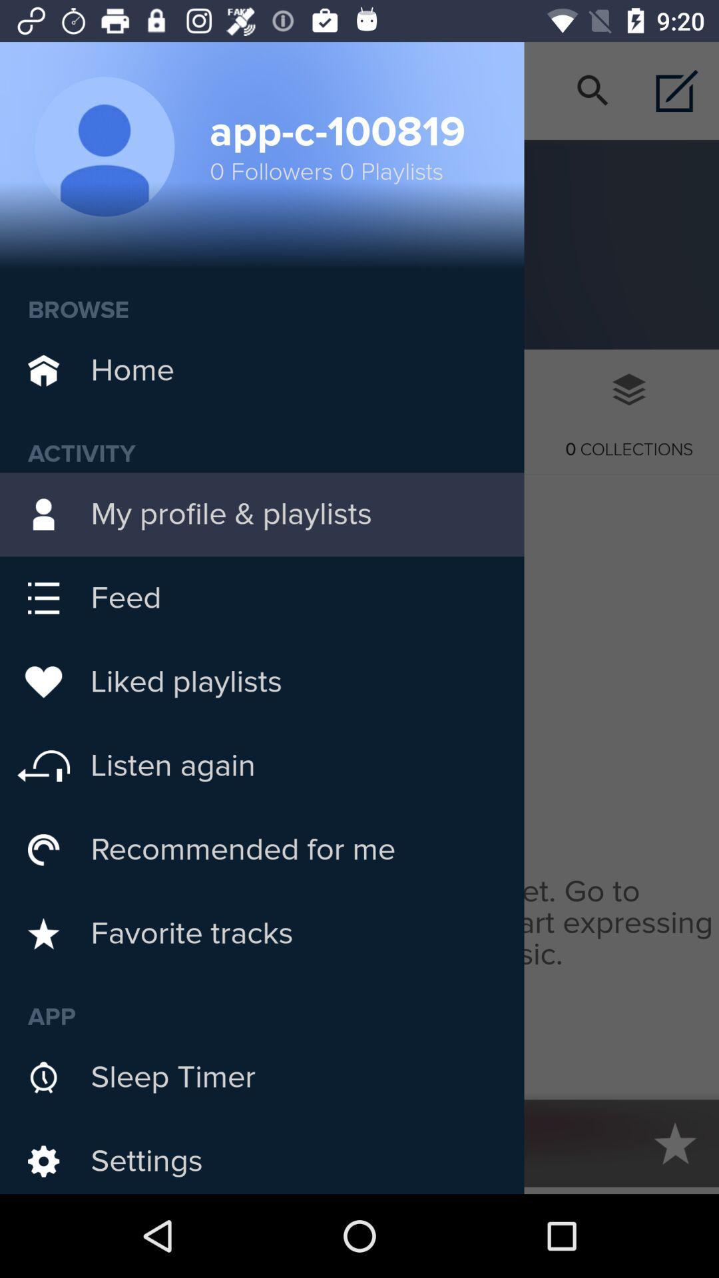  Describe the element at coordinates (675, 1142) in the screenshot. I see `the star icon` at that location.